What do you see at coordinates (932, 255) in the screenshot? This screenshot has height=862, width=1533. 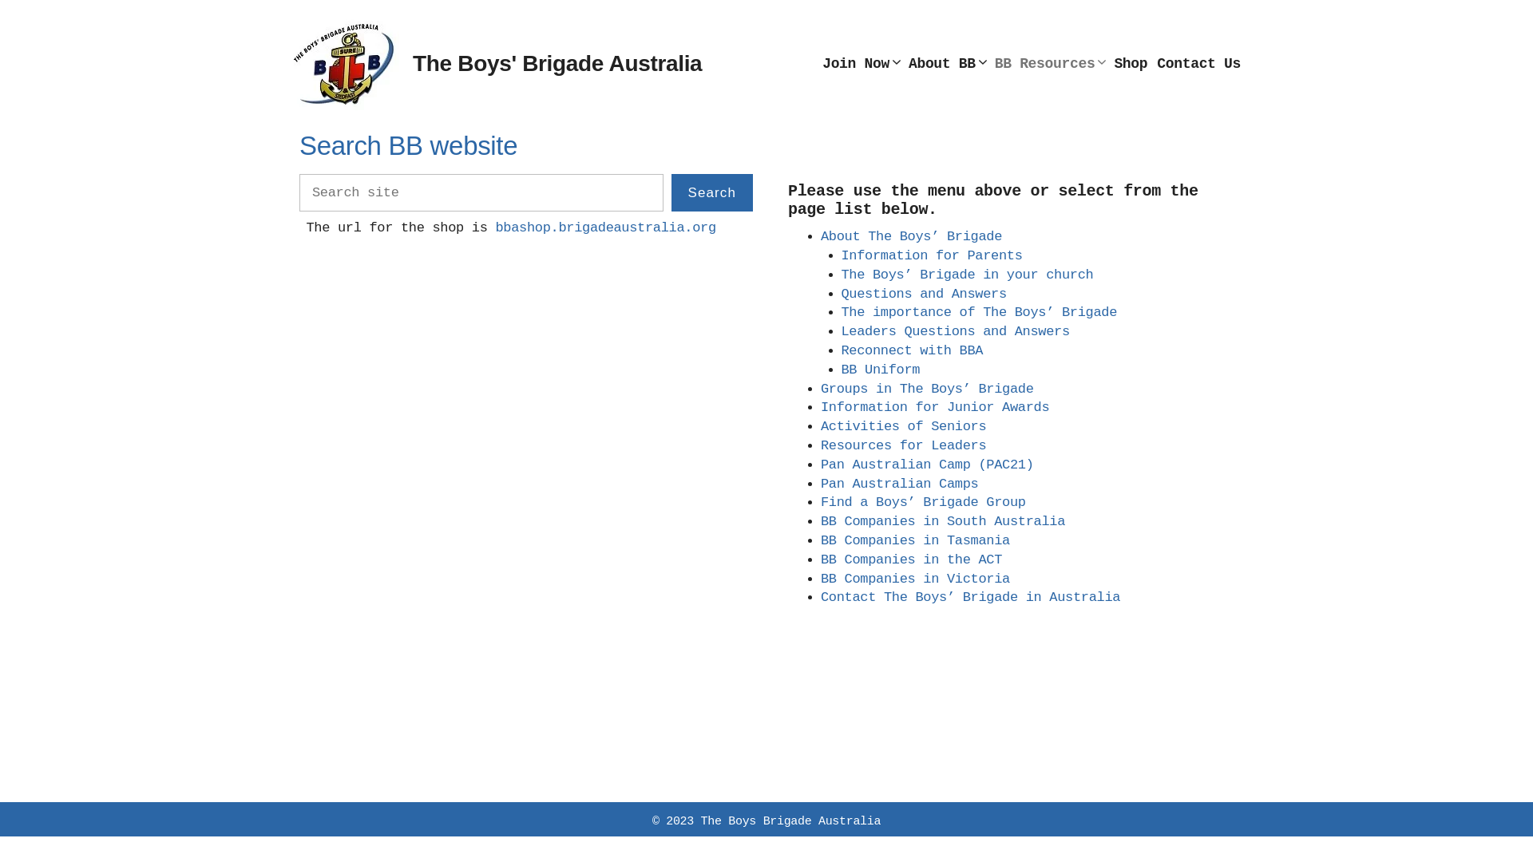 I see `'Information for Parents'` at bounding box center [932, 255].